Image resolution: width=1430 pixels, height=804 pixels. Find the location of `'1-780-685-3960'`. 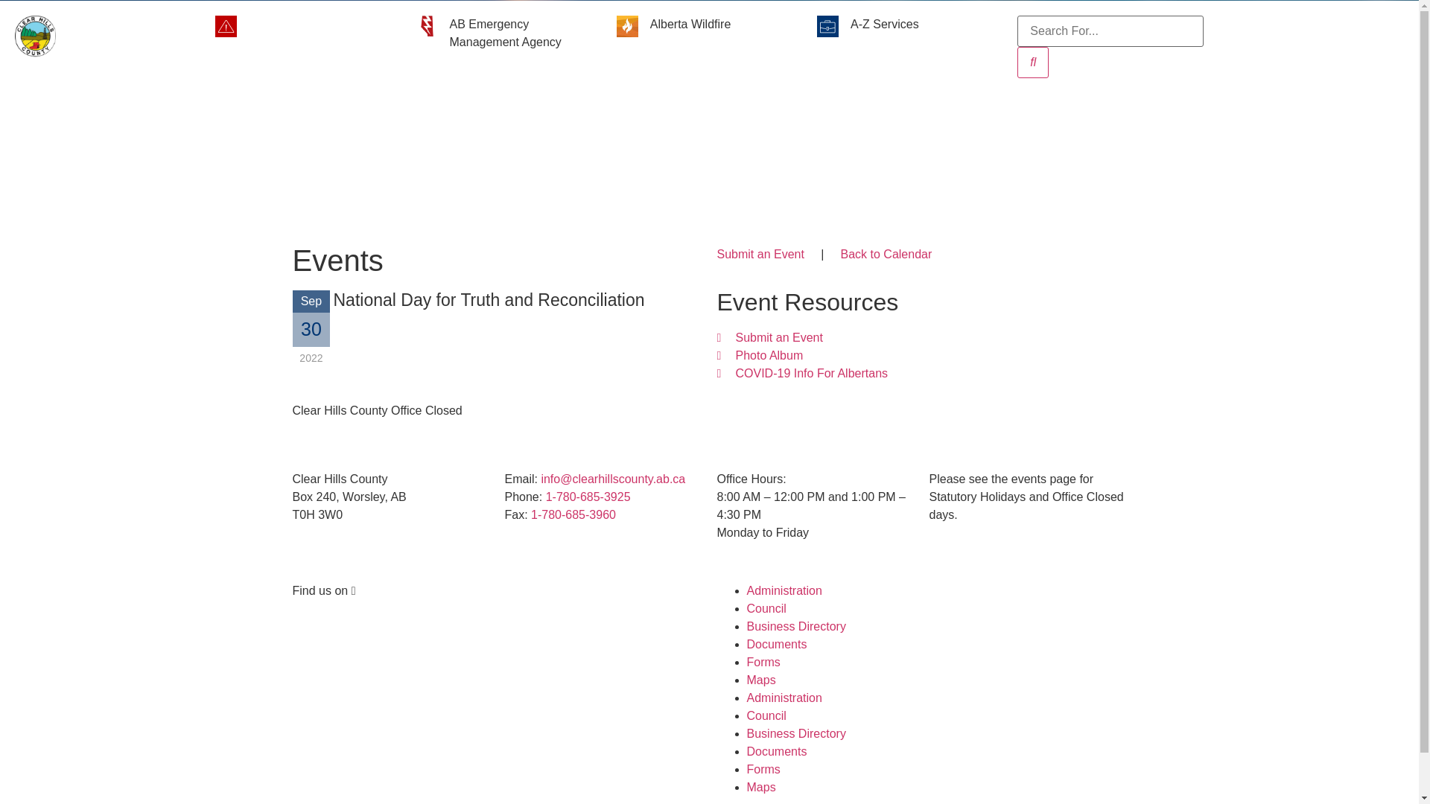

'1-780-685-3960' is located at coordinates (572, 514).